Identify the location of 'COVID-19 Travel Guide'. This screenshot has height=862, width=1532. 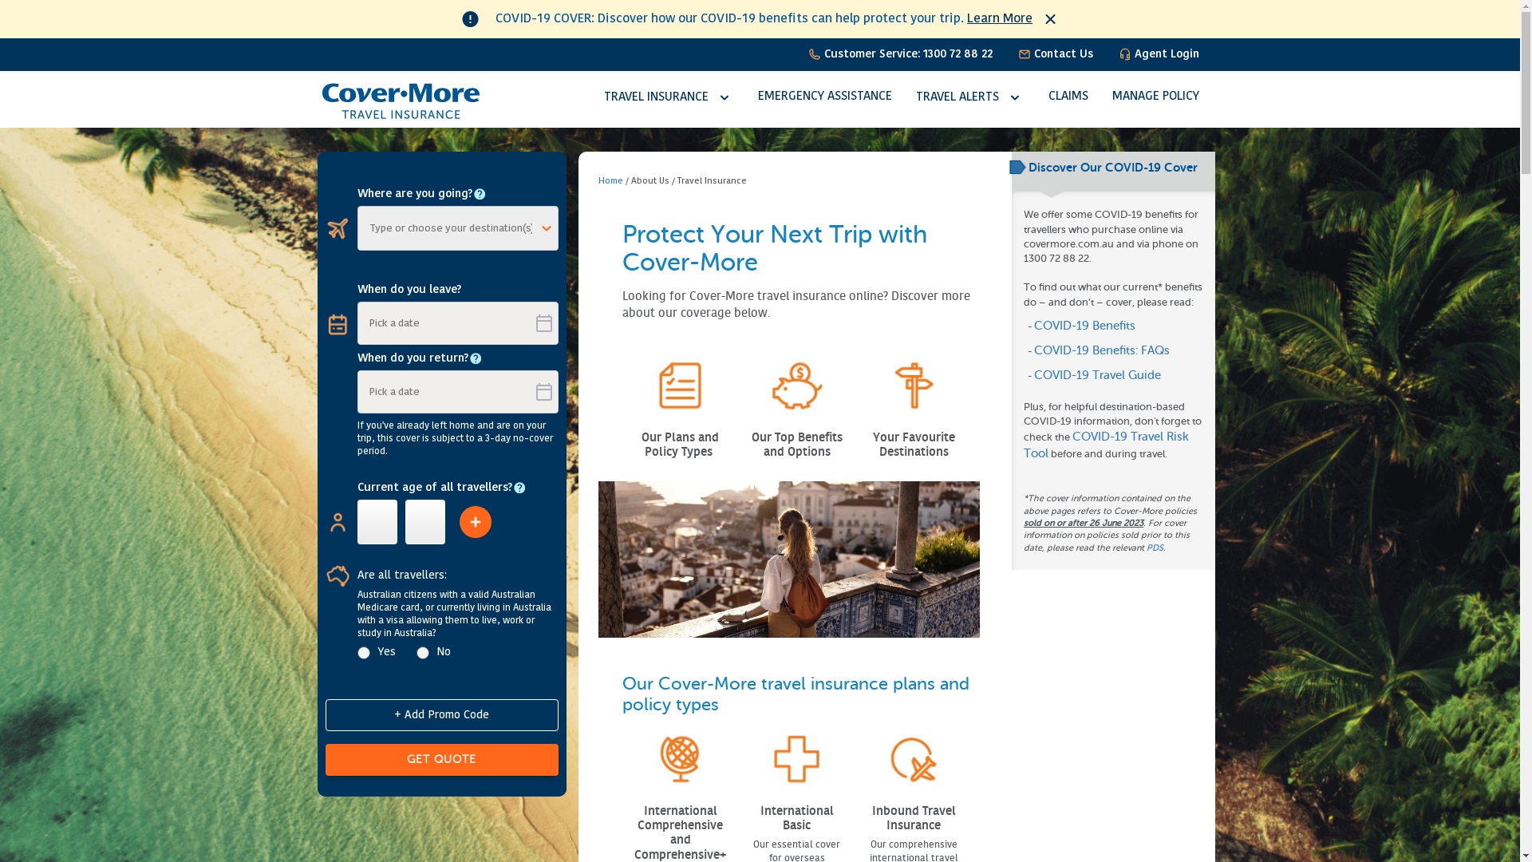
(1096, 375).